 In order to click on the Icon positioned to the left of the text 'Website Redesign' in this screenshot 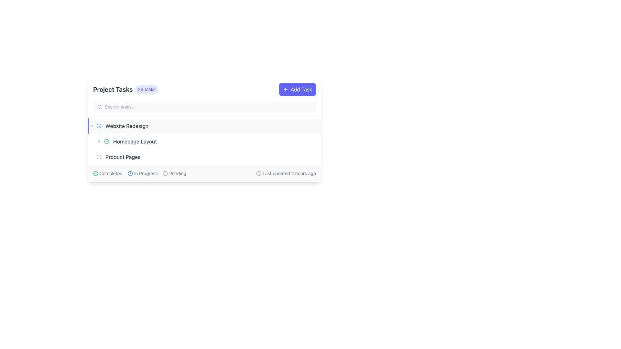, I will do `click(91, 126)`.